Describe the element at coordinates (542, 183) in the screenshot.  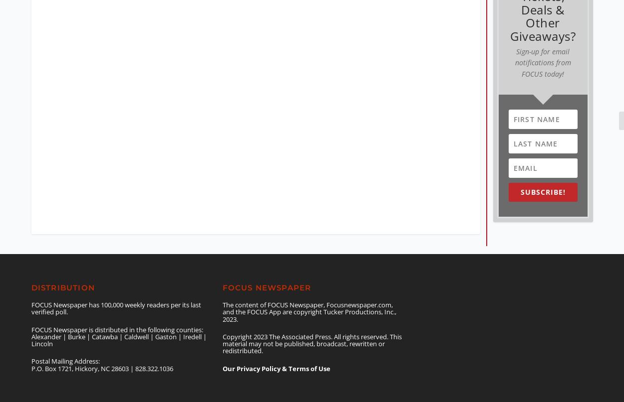
I see `'SUBSCRIBE!'` at that location.